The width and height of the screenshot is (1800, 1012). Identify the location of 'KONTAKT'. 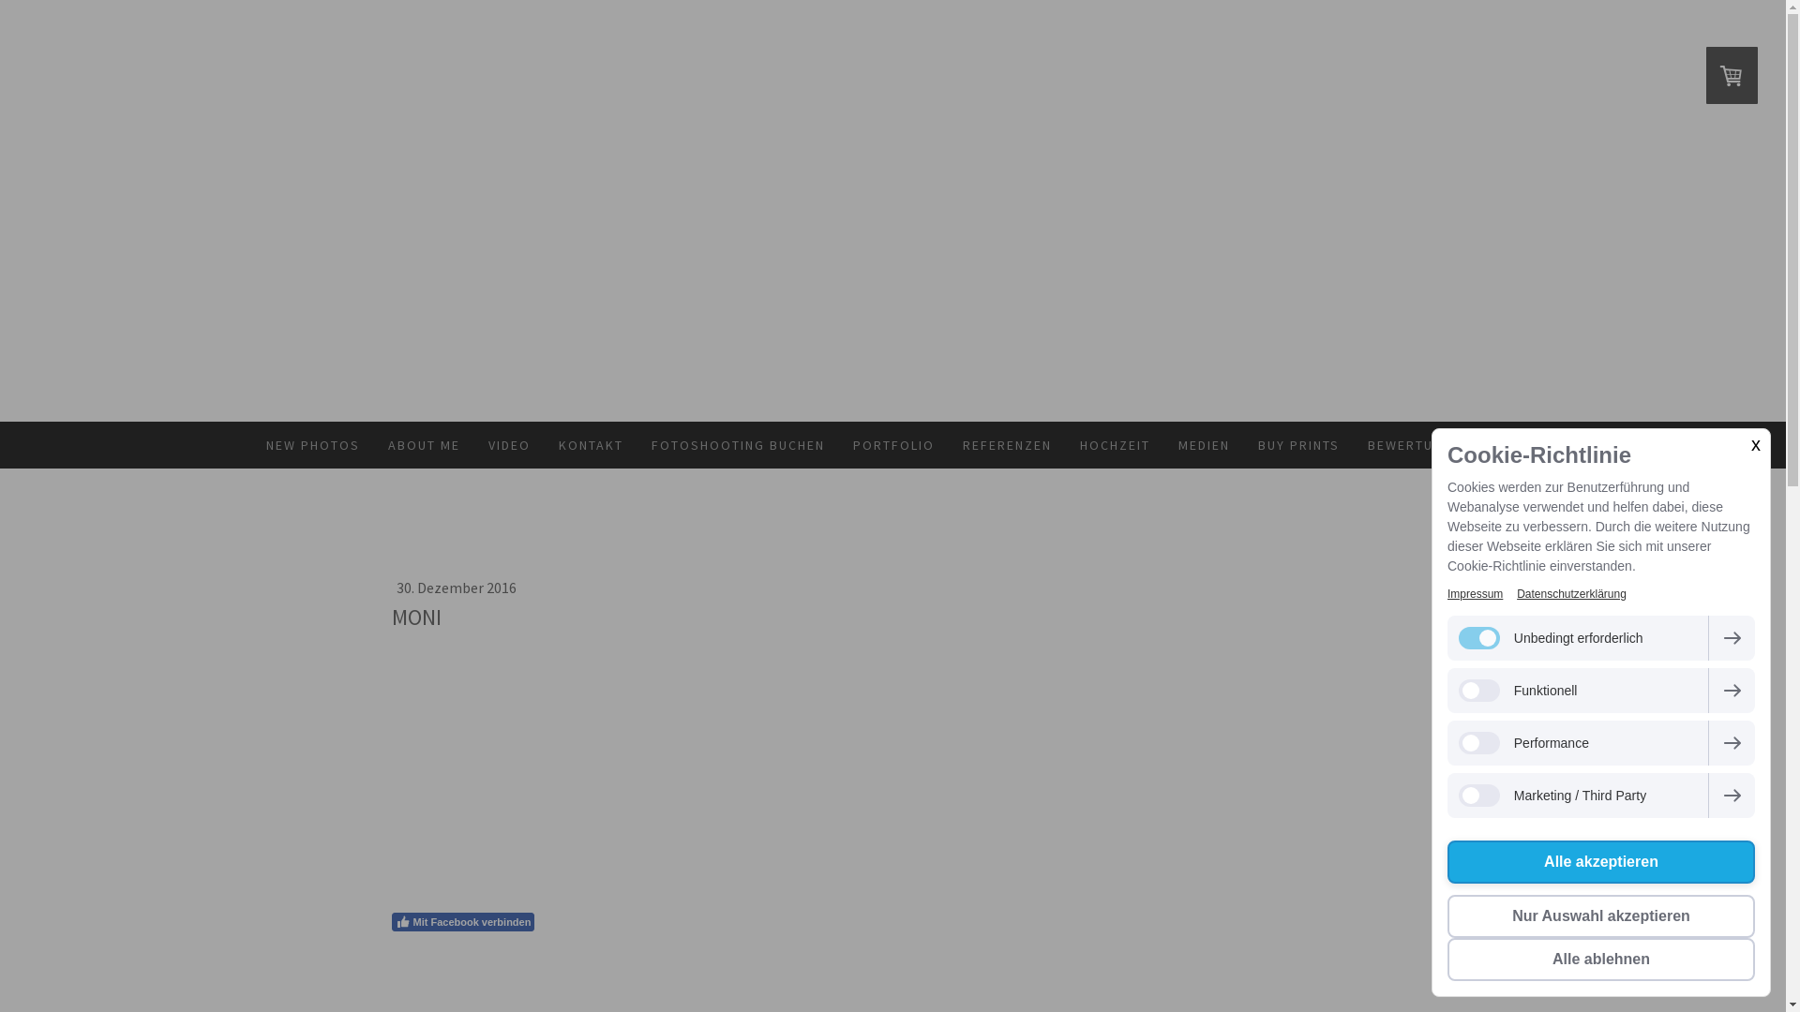
(589, 444).